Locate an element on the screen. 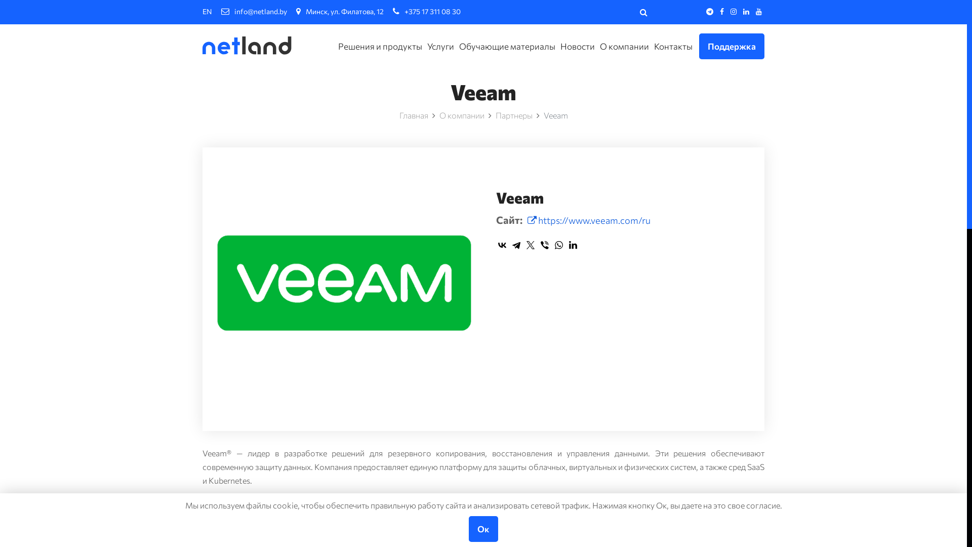 This screenshot has height=547, width=972. 'WhatsApp' is located at coordinates (558, 245).